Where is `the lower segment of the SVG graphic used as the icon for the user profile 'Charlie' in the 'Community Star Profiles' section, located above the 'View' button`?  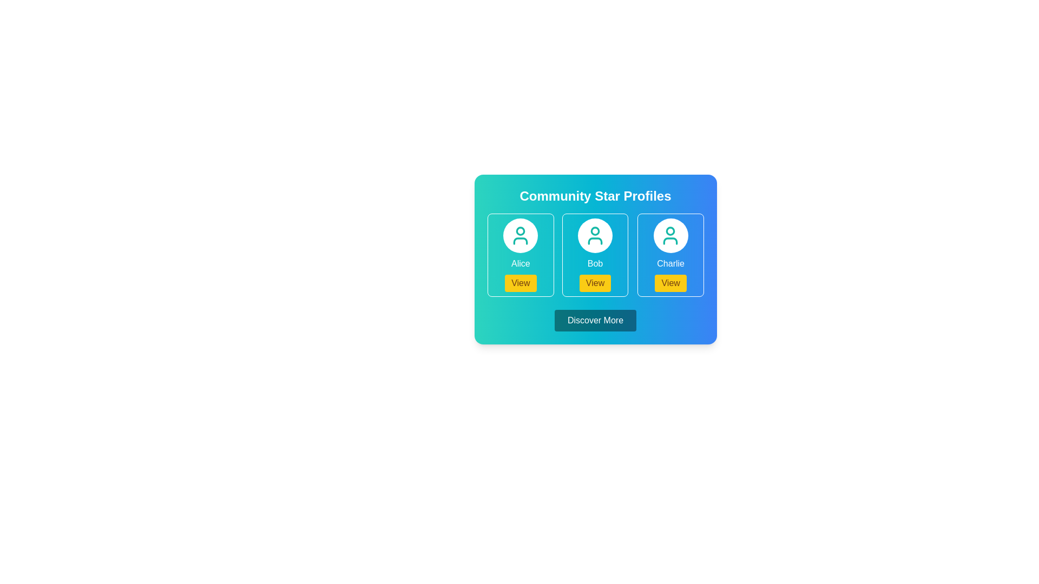 the lower segment of the SVG graphic used as the icon for the user profile 'Charlie' in the 'Community Star Profiles' section, located above the 'View' button is located at coordinates (670, 241).